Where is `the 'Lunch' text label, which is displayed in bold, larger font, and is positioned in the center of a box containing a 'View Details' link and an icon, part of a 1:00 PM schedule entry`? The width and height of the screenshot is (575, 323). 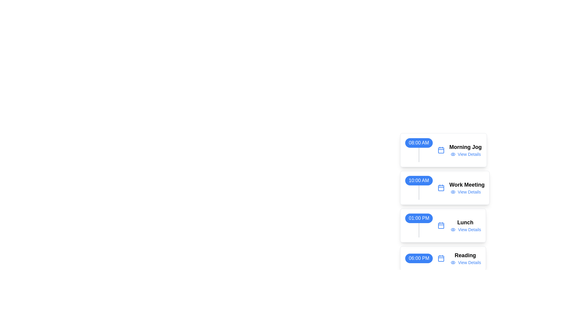
the 'Lunch' text label, which is displayed in bold, larger font, and is positioned in the center of a box containing a 'View Details' link and an icon, part of a 1:00 PM schedule entry is located at coordinates (465, 223).